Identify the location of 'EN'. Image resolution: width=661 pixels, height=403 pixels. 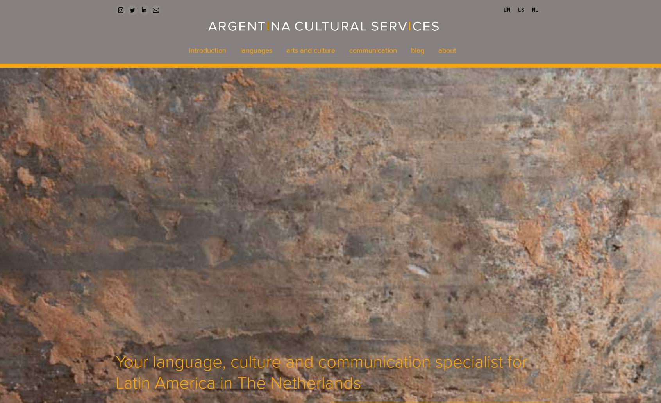
(506, 9).